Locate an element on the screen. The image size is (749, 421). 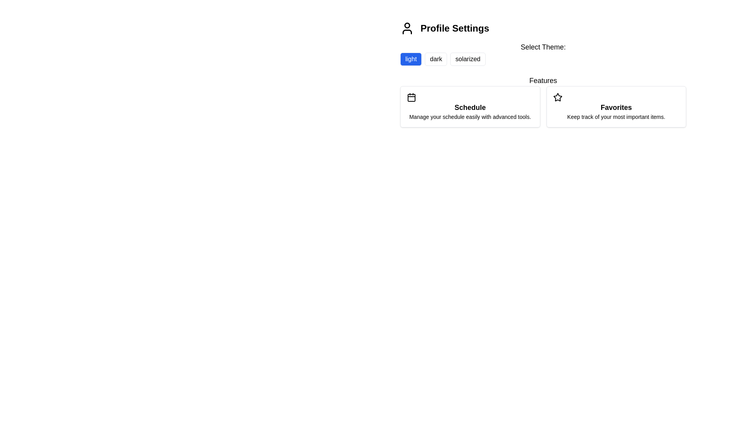
the calendar icon component, which is a white rounded rectangle styled as a calendar, located to the left of the 'Schedule' text in the first card of the 'Features' section is located at coordinates (411, 97).